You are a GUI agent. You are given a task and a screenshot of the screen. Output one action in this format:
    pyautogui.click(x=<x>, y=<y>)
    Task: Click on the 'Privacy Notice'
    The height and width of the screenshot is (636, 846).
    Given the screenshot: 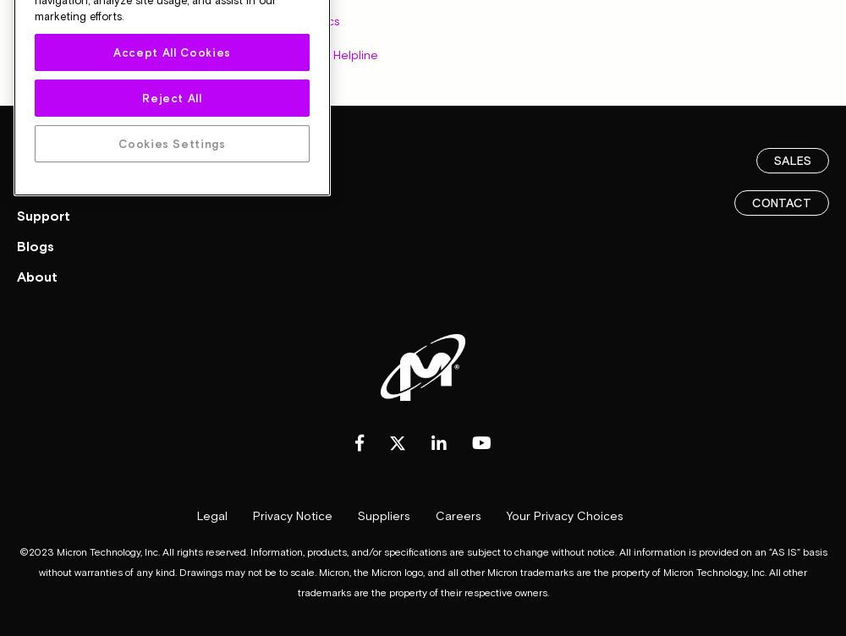 What is the action you would take?
    pyautogui.click(x=292, y=514)
    